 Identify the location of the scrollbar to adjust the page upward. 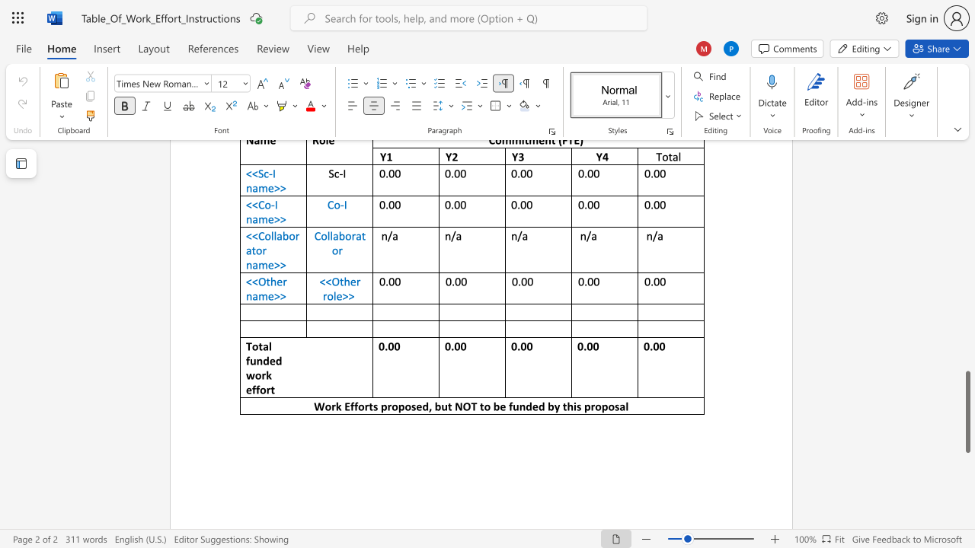
(967, 350).